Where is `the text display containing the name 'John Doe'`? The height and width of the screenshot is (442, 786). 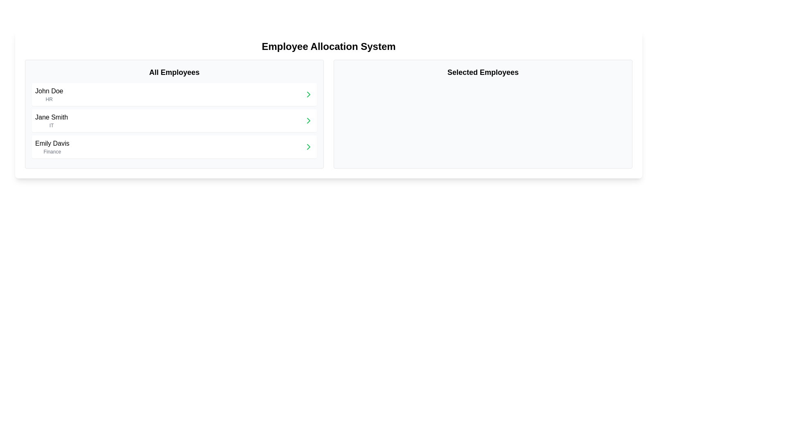
the text display containing the name 'John Doe' is located at coordinates (49, 94).